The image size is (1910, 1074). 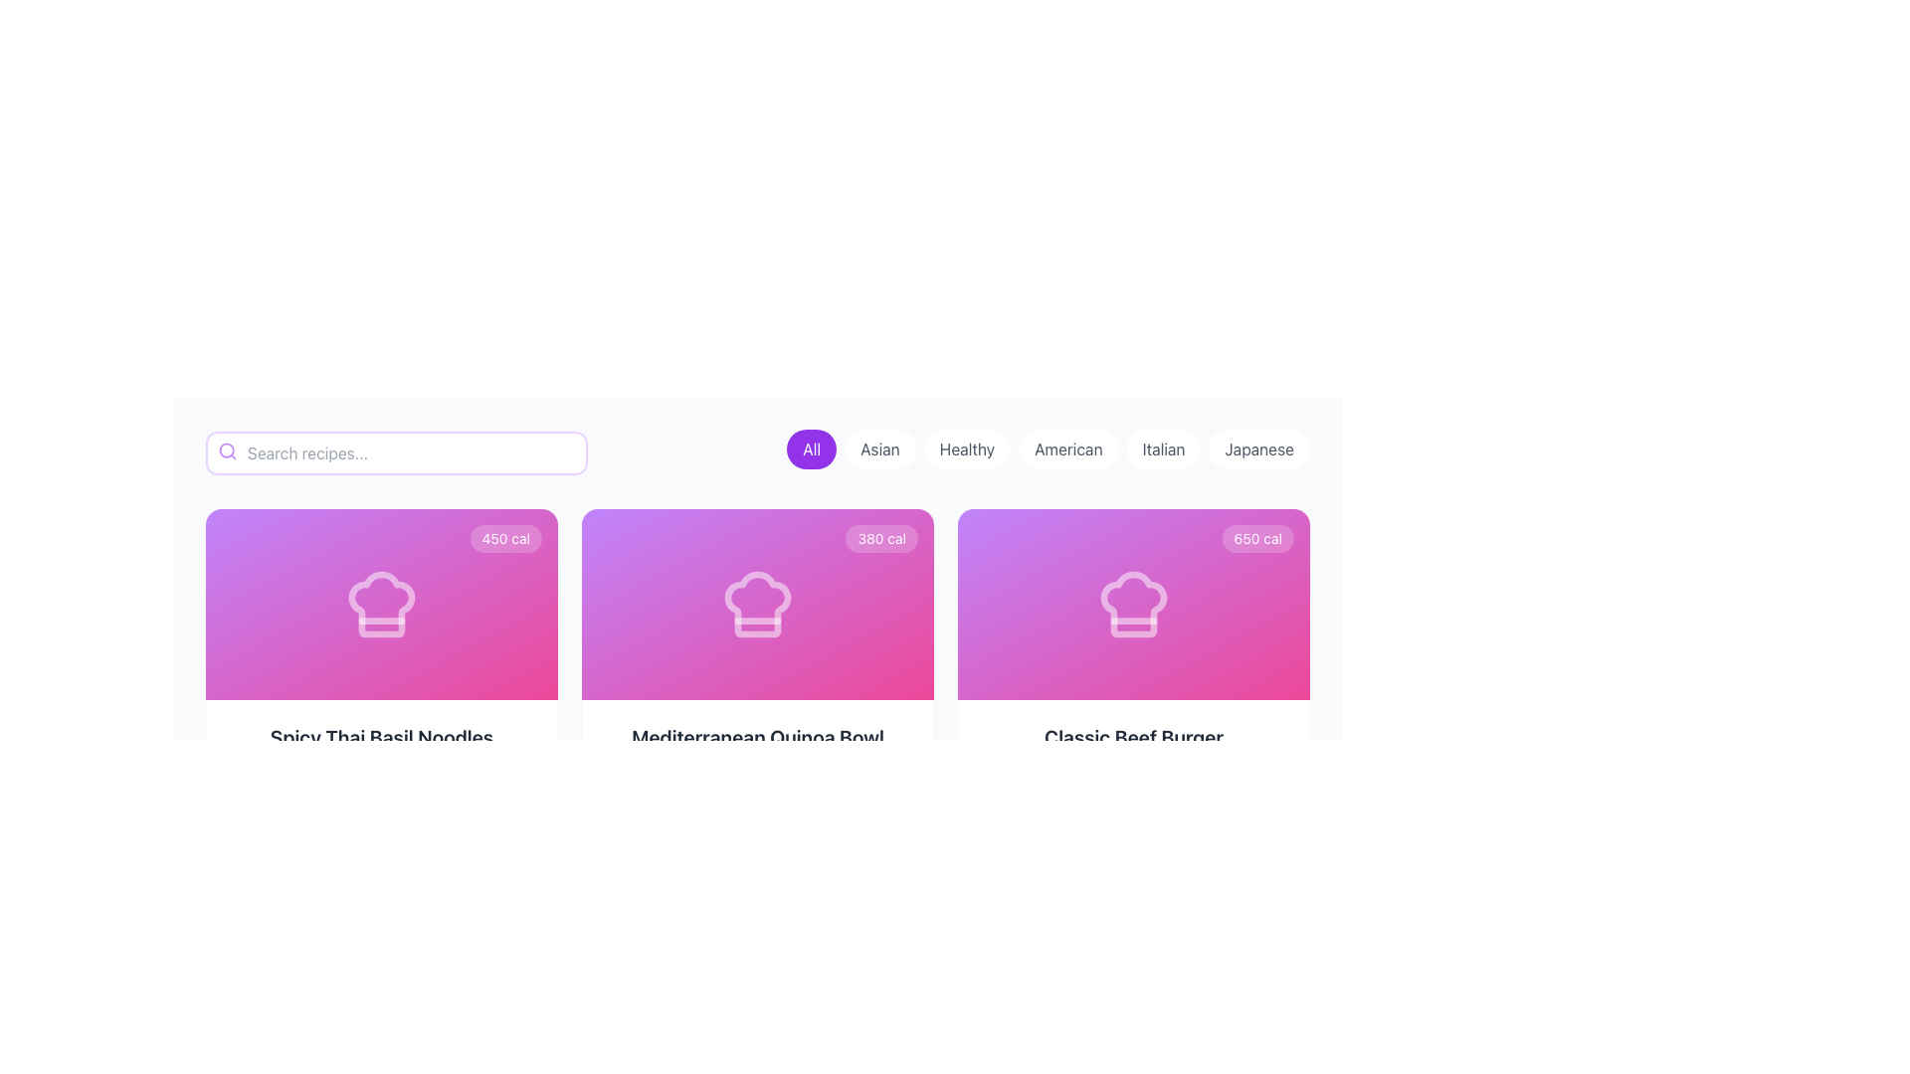 I want to click on the circular vector graphic component of the search icon located in the left portion of the header bar, which visually indicates the search functionality, so click(x=227, y=450).